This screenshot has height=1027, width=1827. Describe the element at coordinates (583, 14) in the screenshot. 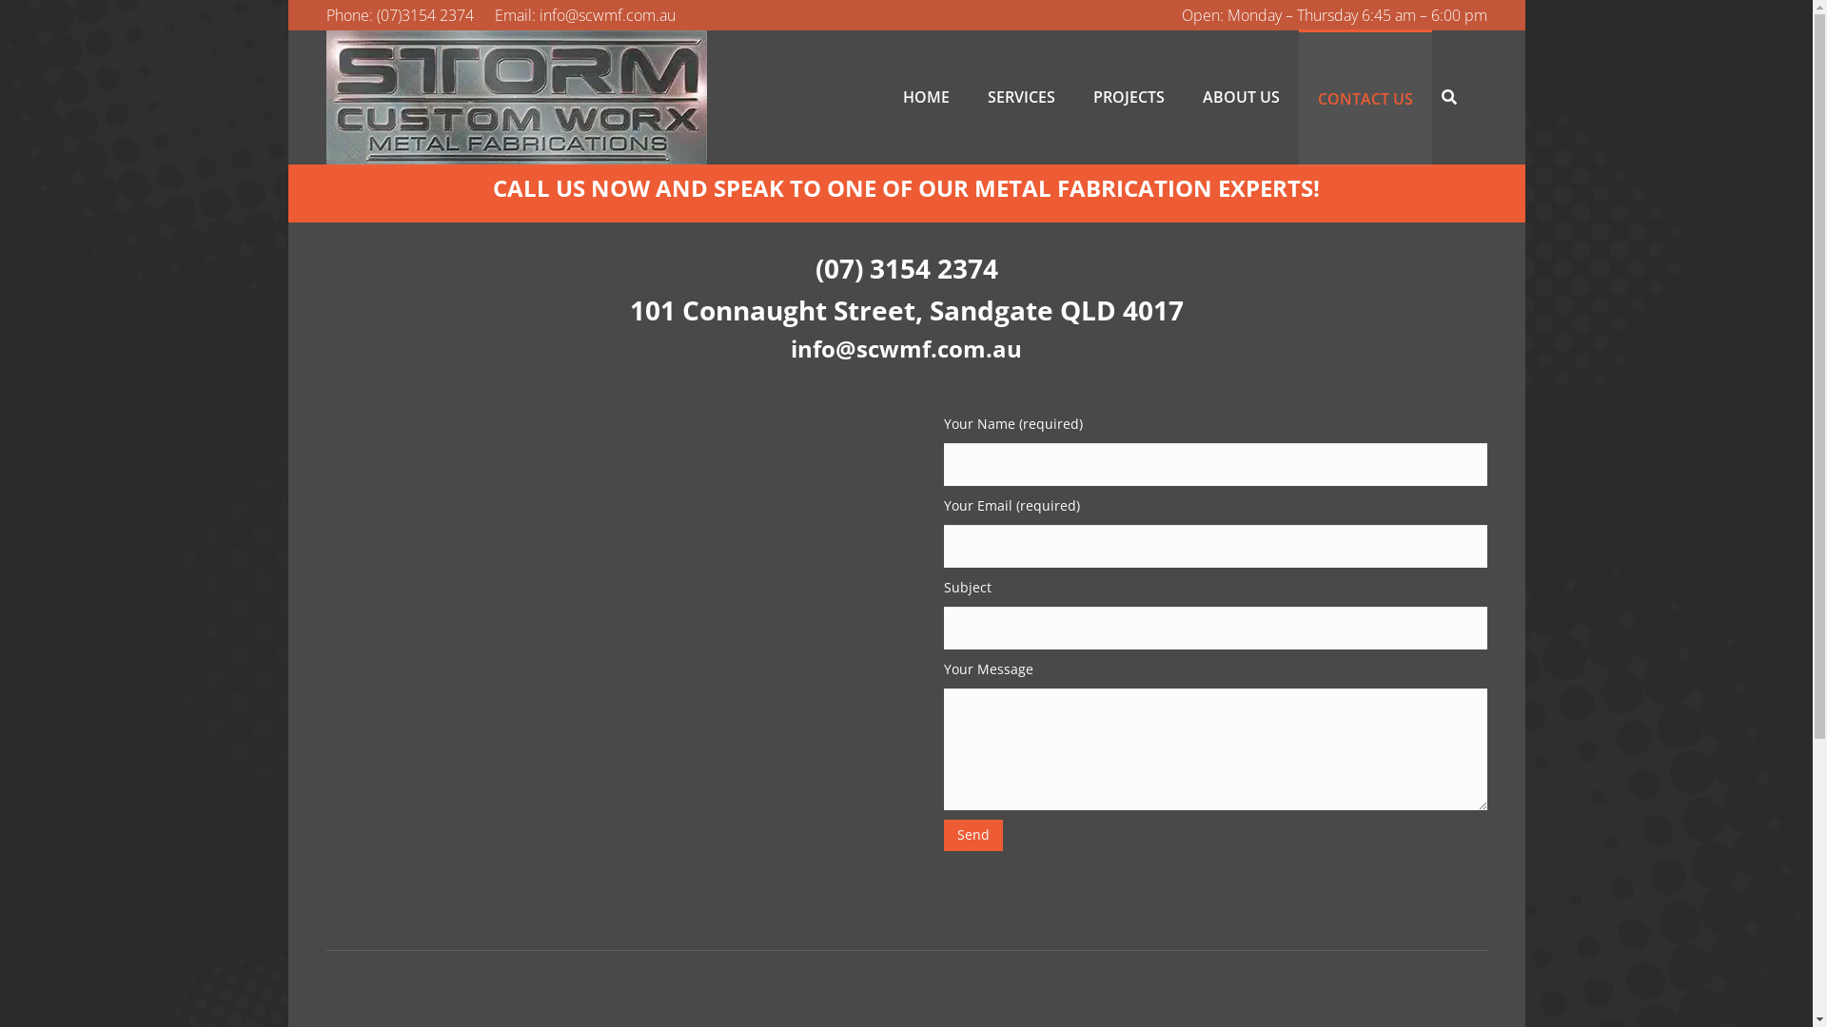

I see `'Email: info@scwmf.com.au'` at that location.